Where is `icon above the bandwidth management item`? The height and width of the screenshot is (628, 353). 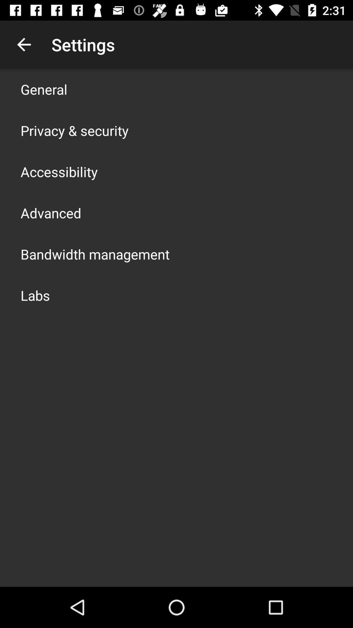 icon above the bandwidth management item is located at coordinates (50, 213).